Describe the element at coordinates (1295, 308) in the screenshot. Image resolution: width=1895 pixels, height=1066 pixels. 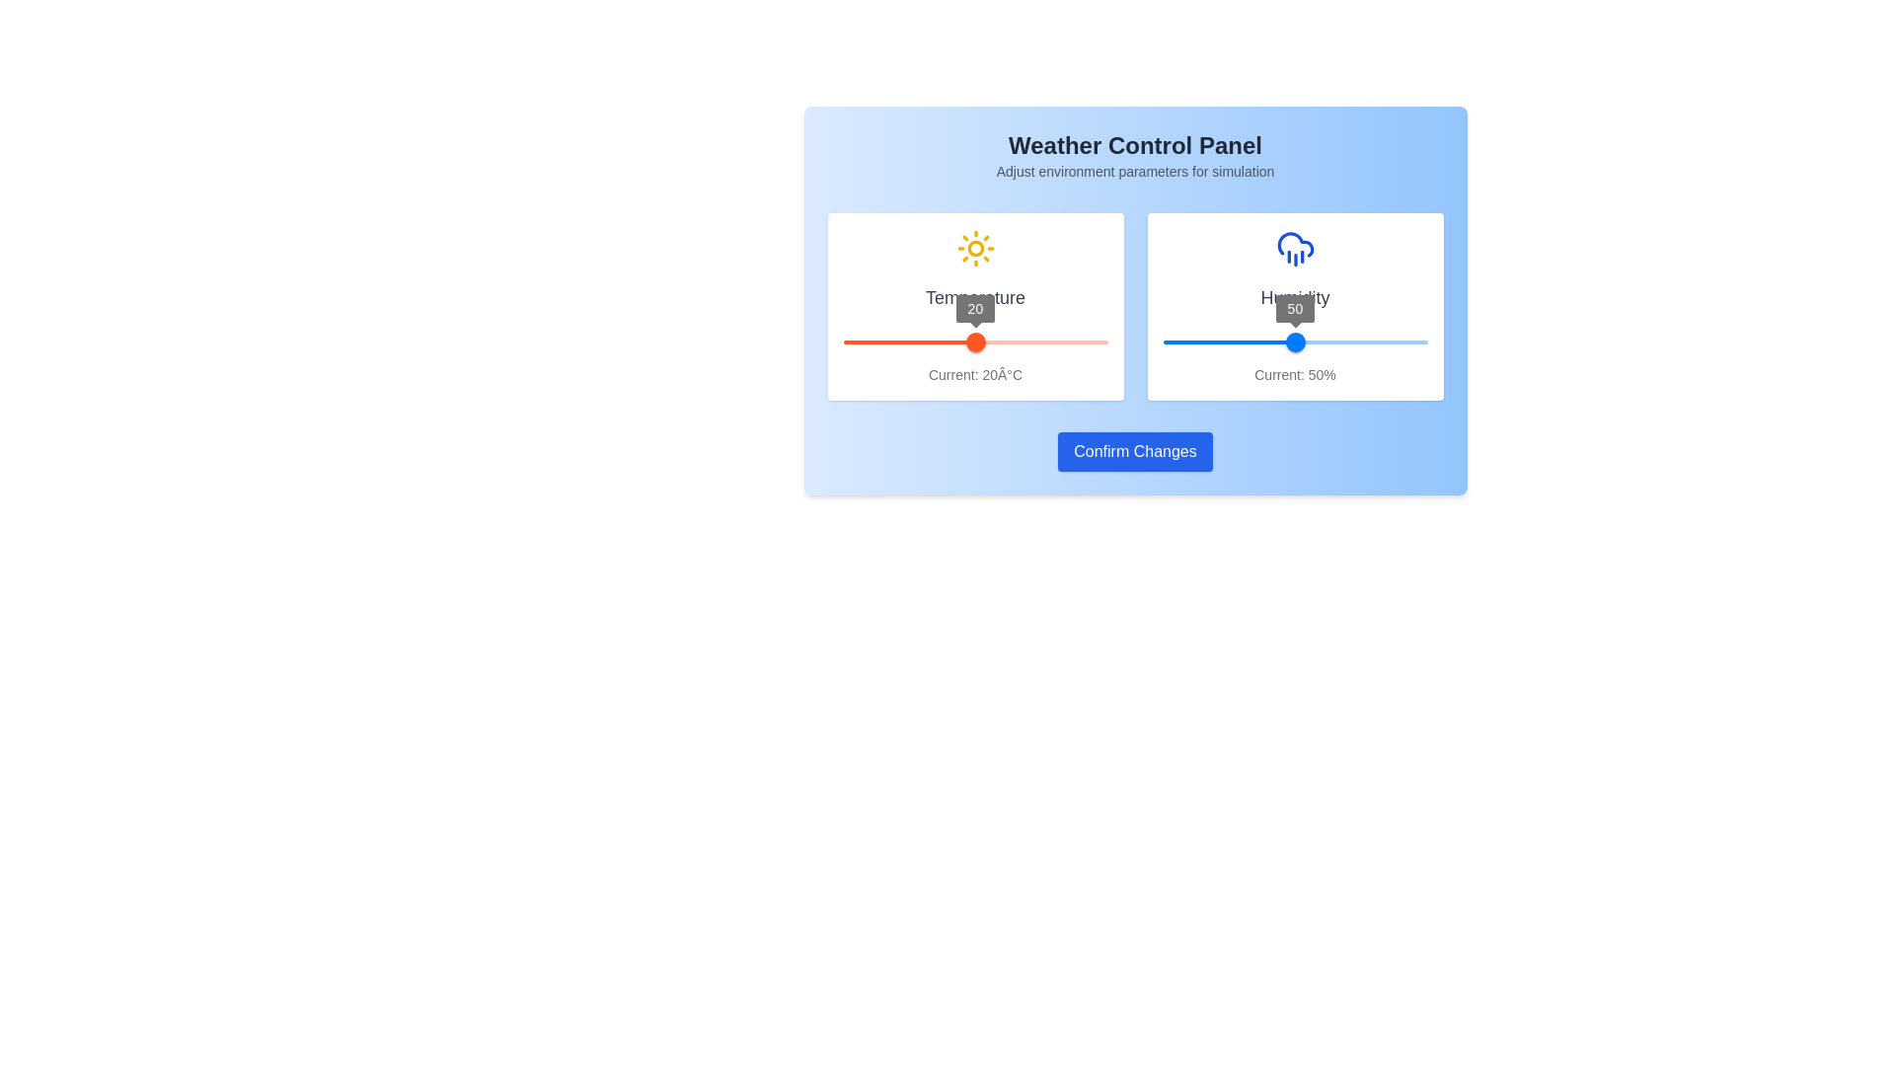
I see `the tooltip displaying the value '50' above the 'Humidity' slider handle as the slider moves` at that location.